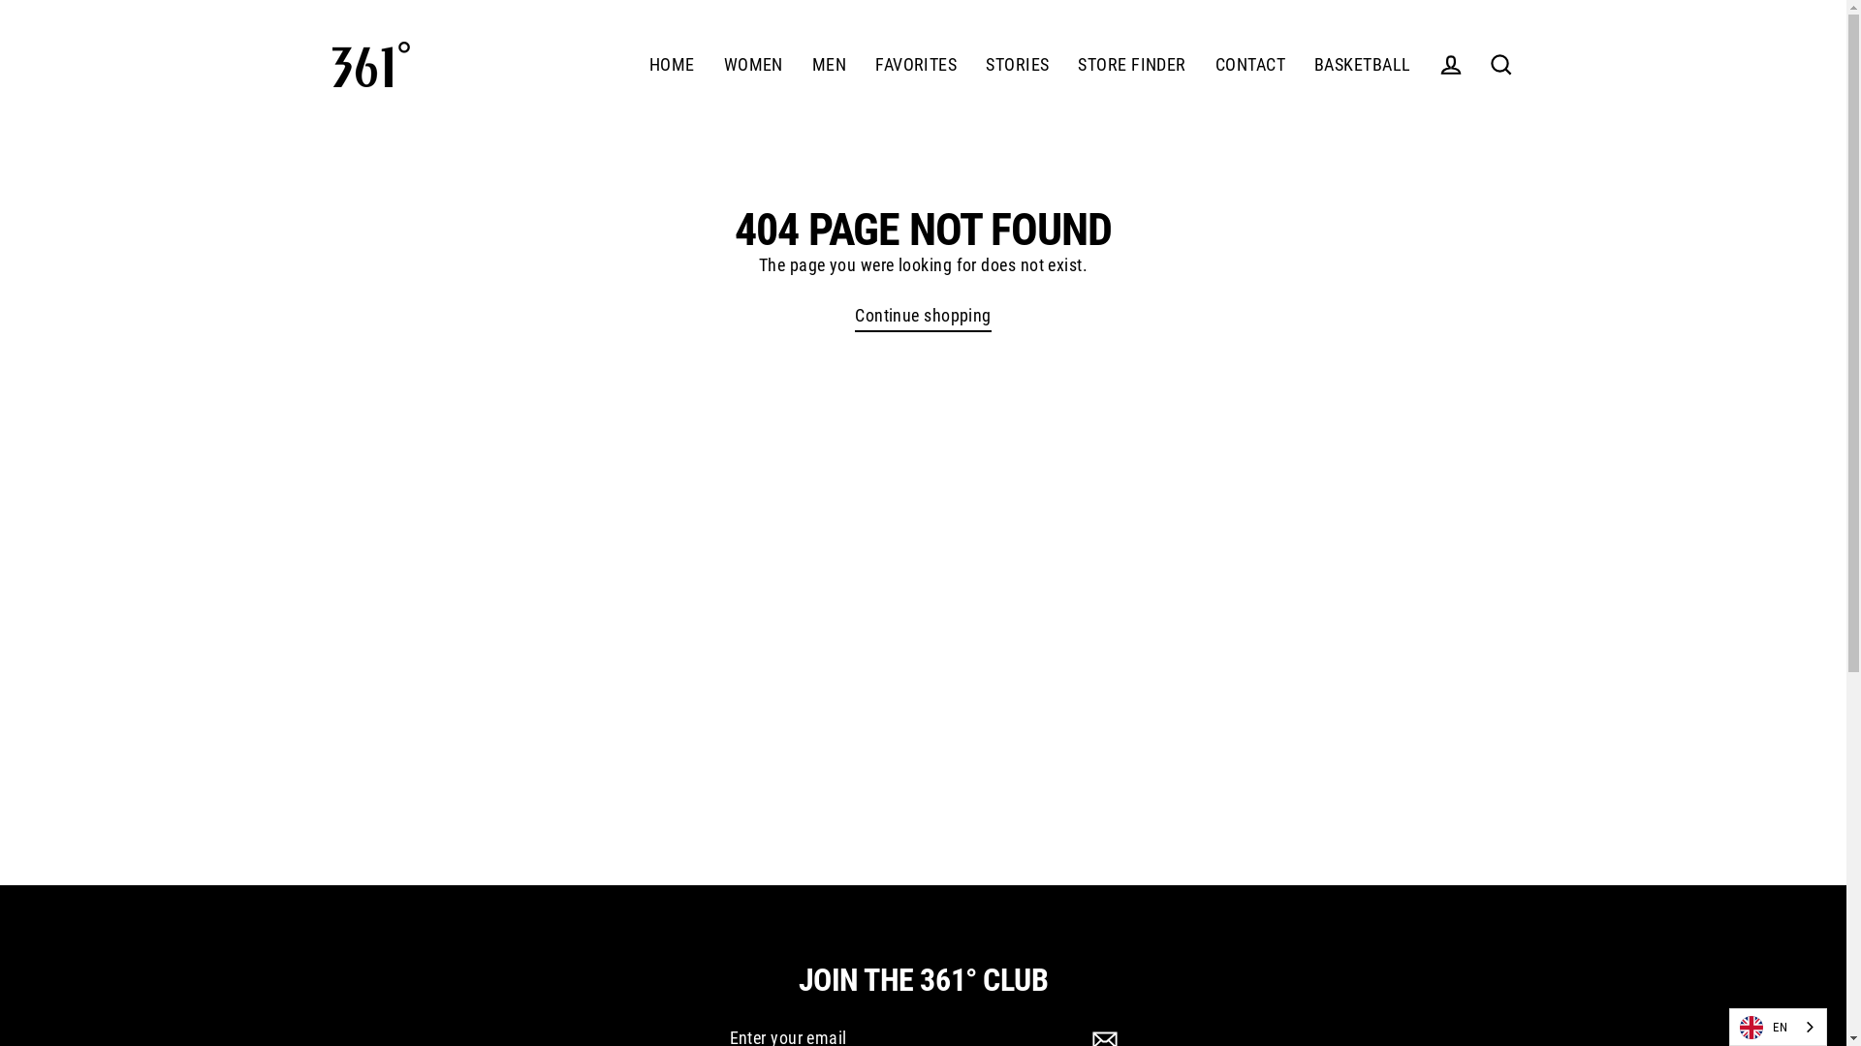 Image resolution: width=1861 pixels, height=1046 pixels. What do you see at coordinates (797, 63) in the screenshot?
I see `'MEN'` at bounding box center [797, 63].